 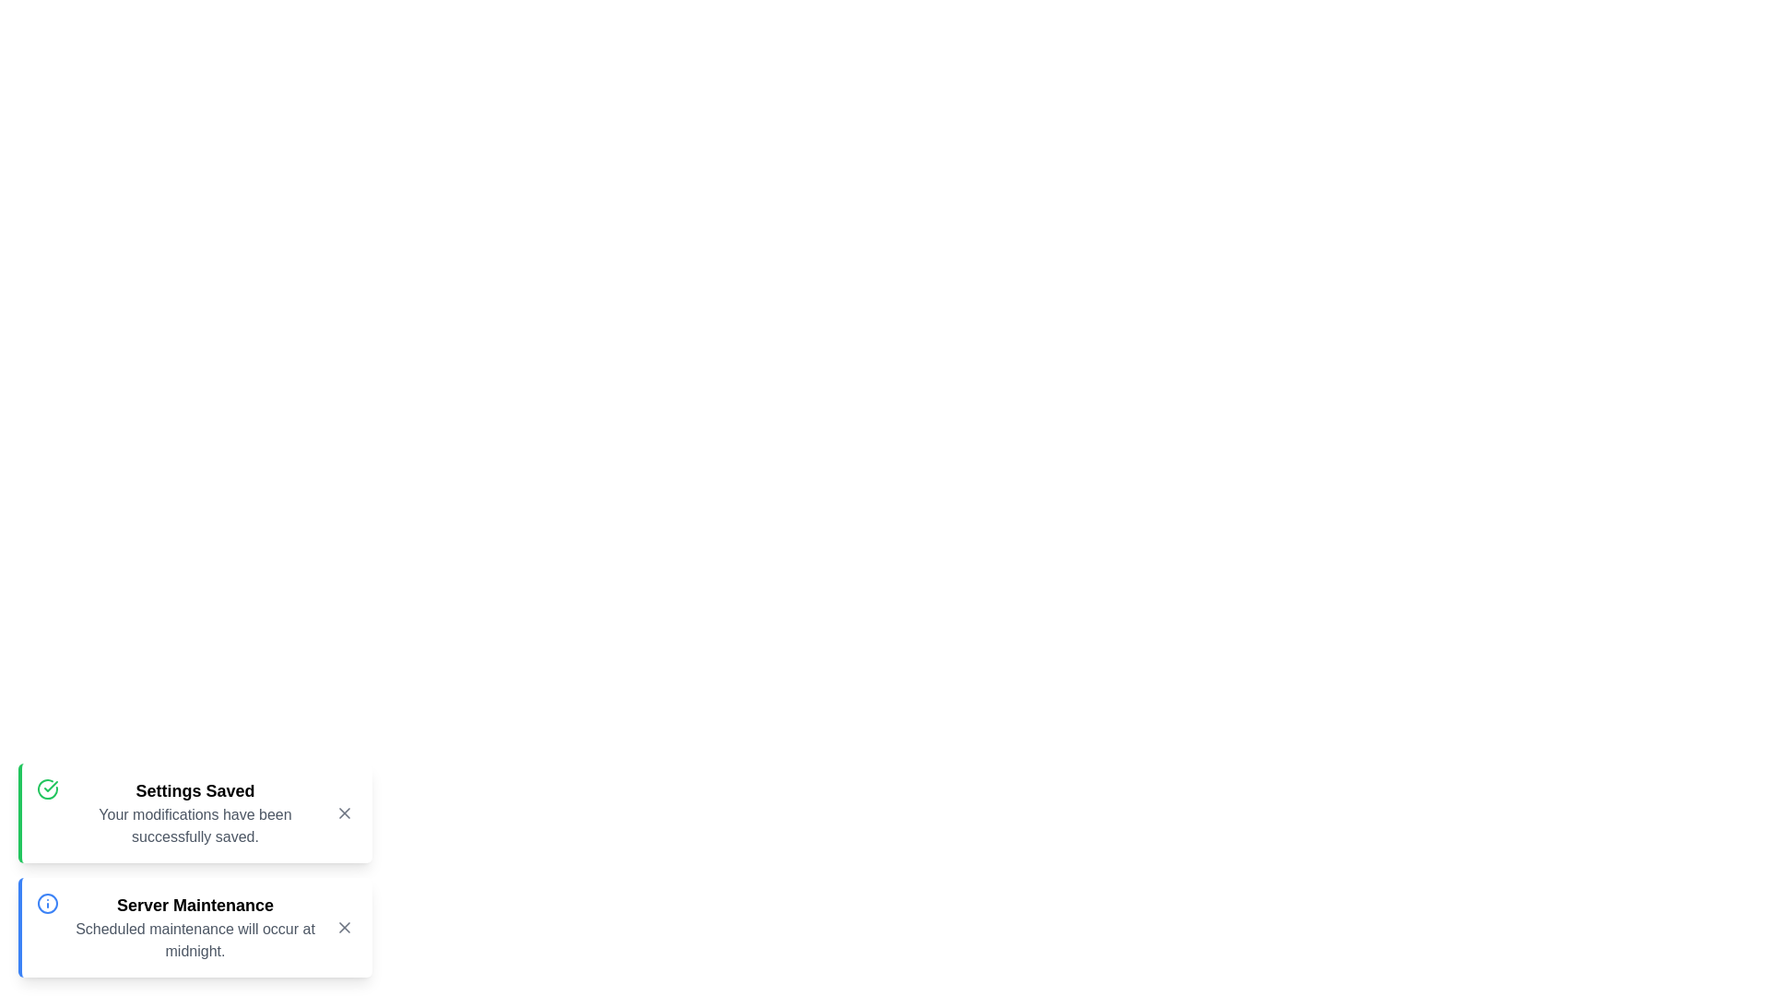 I want to click on the close button of the snackbar notification with title 'Settings Saved', so click(x=345, y=812).